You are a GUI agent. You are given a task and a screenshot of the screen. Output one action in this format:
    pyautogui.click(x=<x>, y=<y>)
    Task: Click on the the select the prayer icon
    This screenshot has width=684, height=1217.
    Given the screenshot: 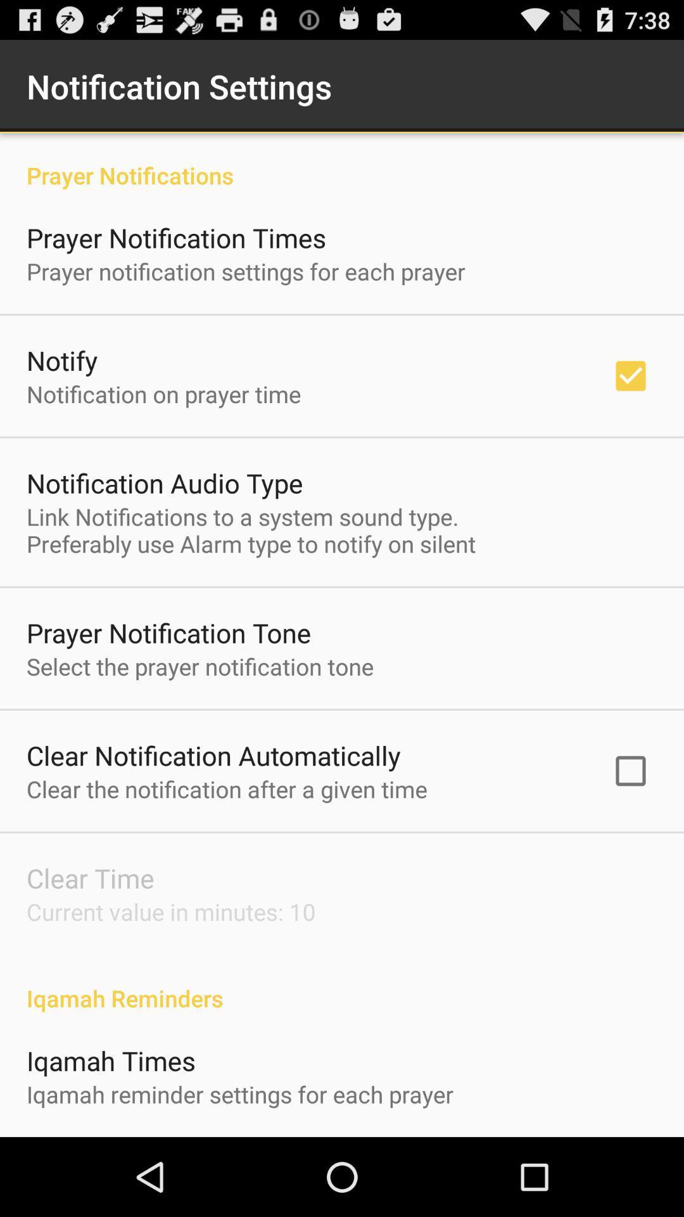 What is the action you would take?
    pyautogui.click(x=199, y=666)
    